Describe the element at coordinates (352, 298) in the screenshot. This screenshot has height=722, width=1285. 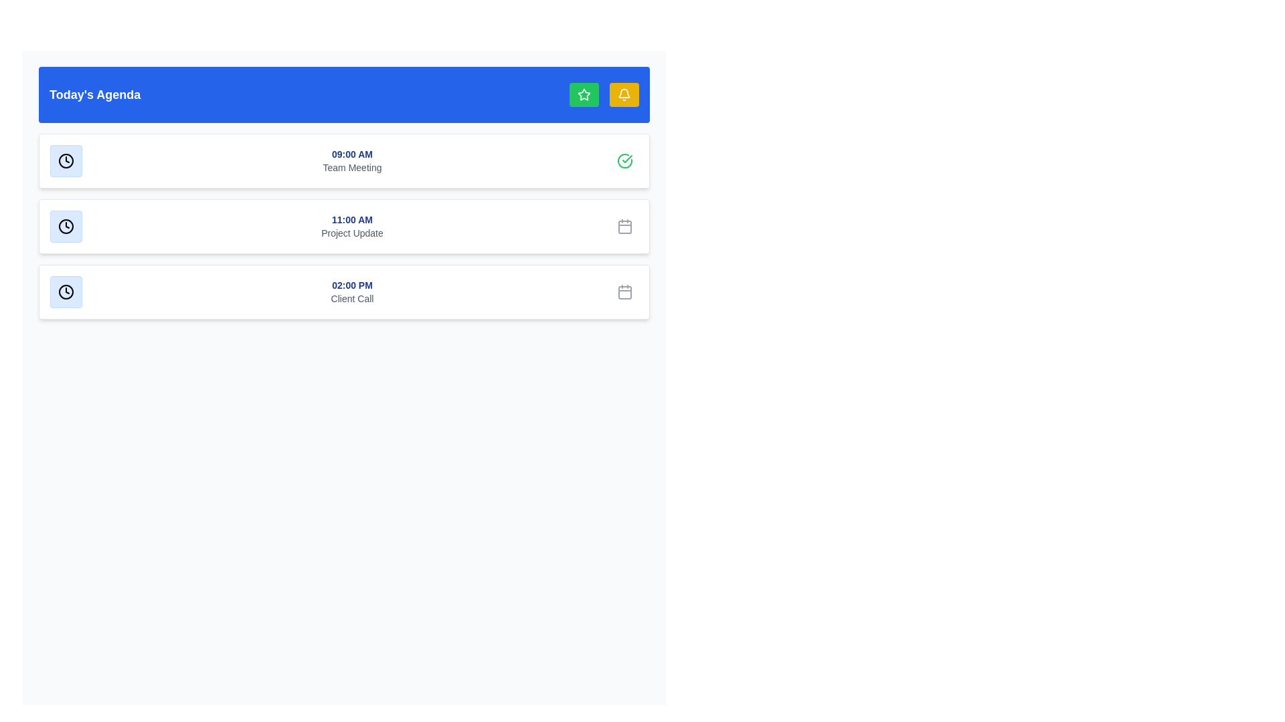
I see `the text element located directly below '02:00 PM' in the agenda interface by moving the cursor to its center point` at that location.